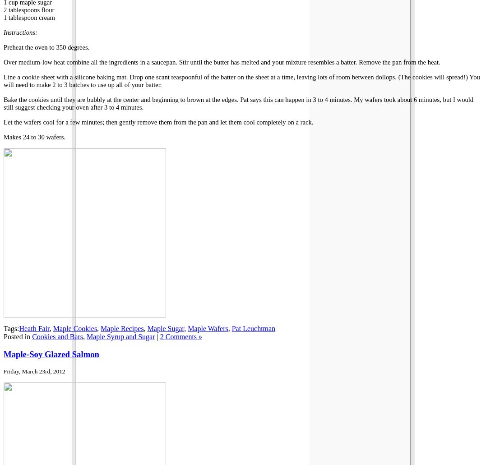 This screenshot has width=486, height=465. I want to click on 'Maple Recipes', so click(121, 328).